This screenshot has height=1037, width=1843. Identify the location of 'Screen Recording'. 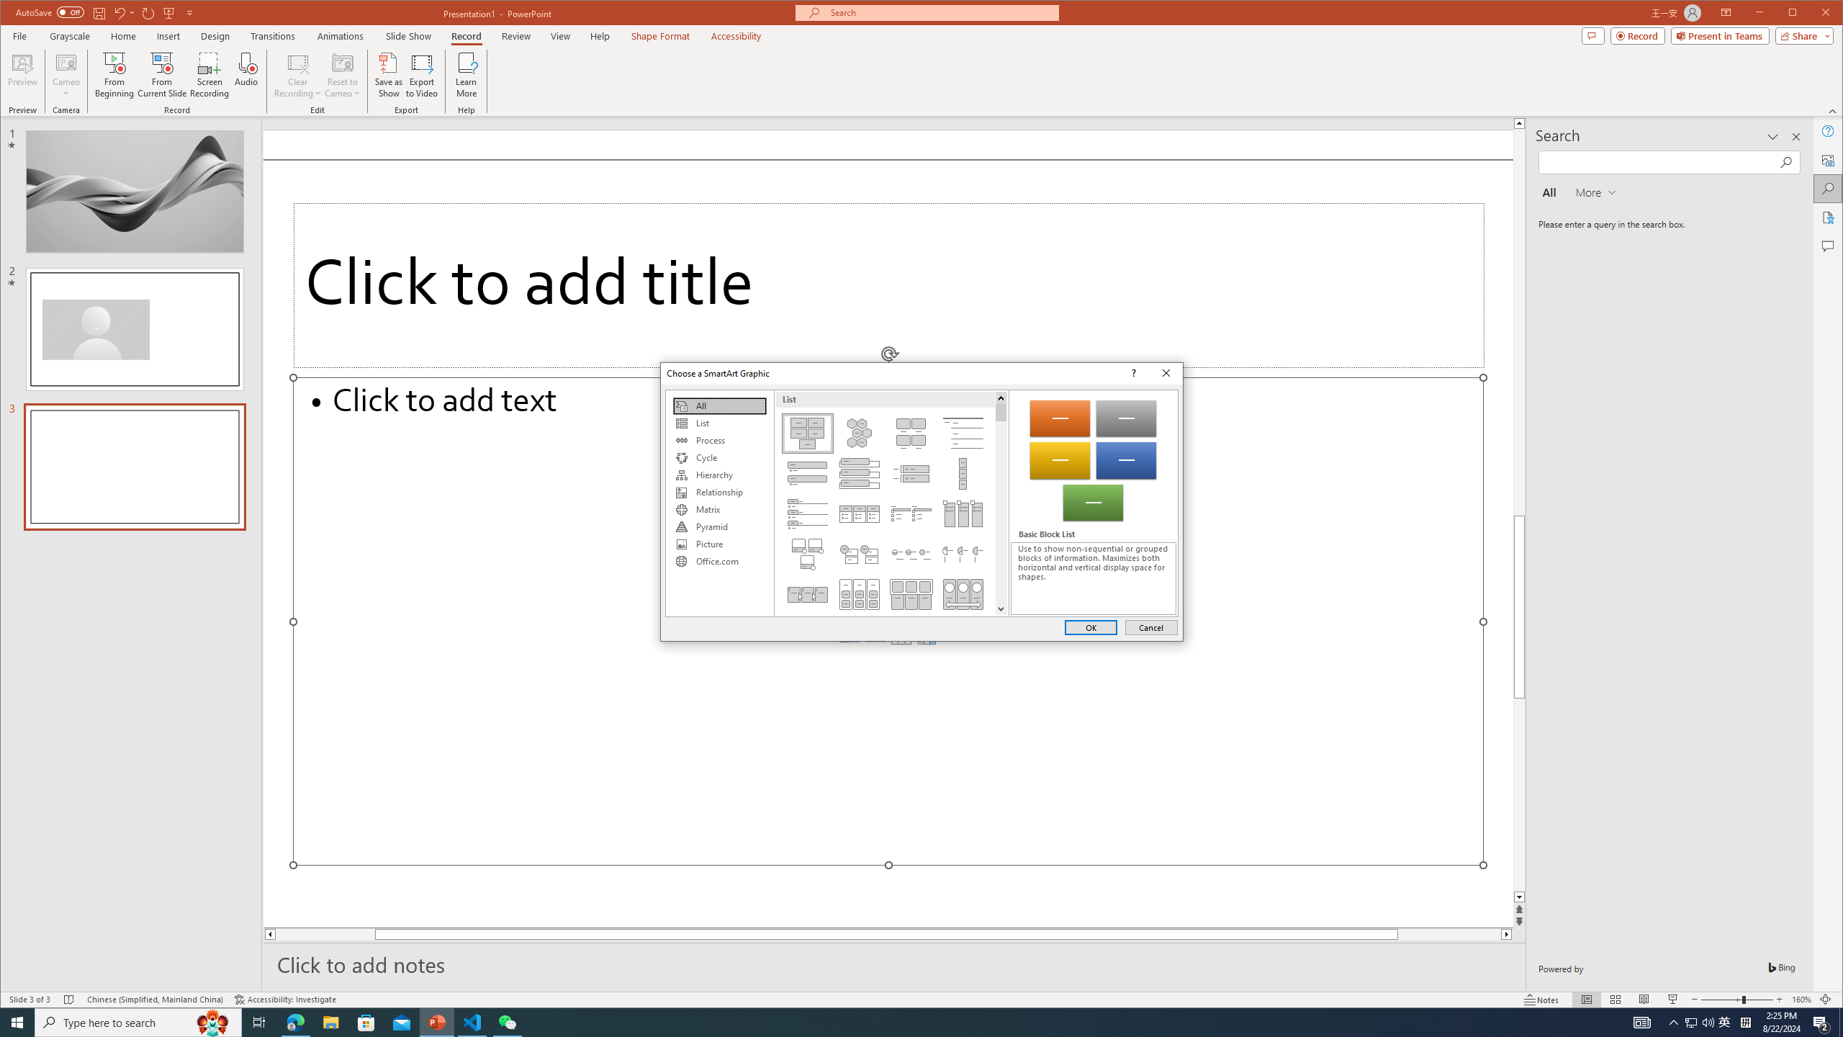
(208, 74).